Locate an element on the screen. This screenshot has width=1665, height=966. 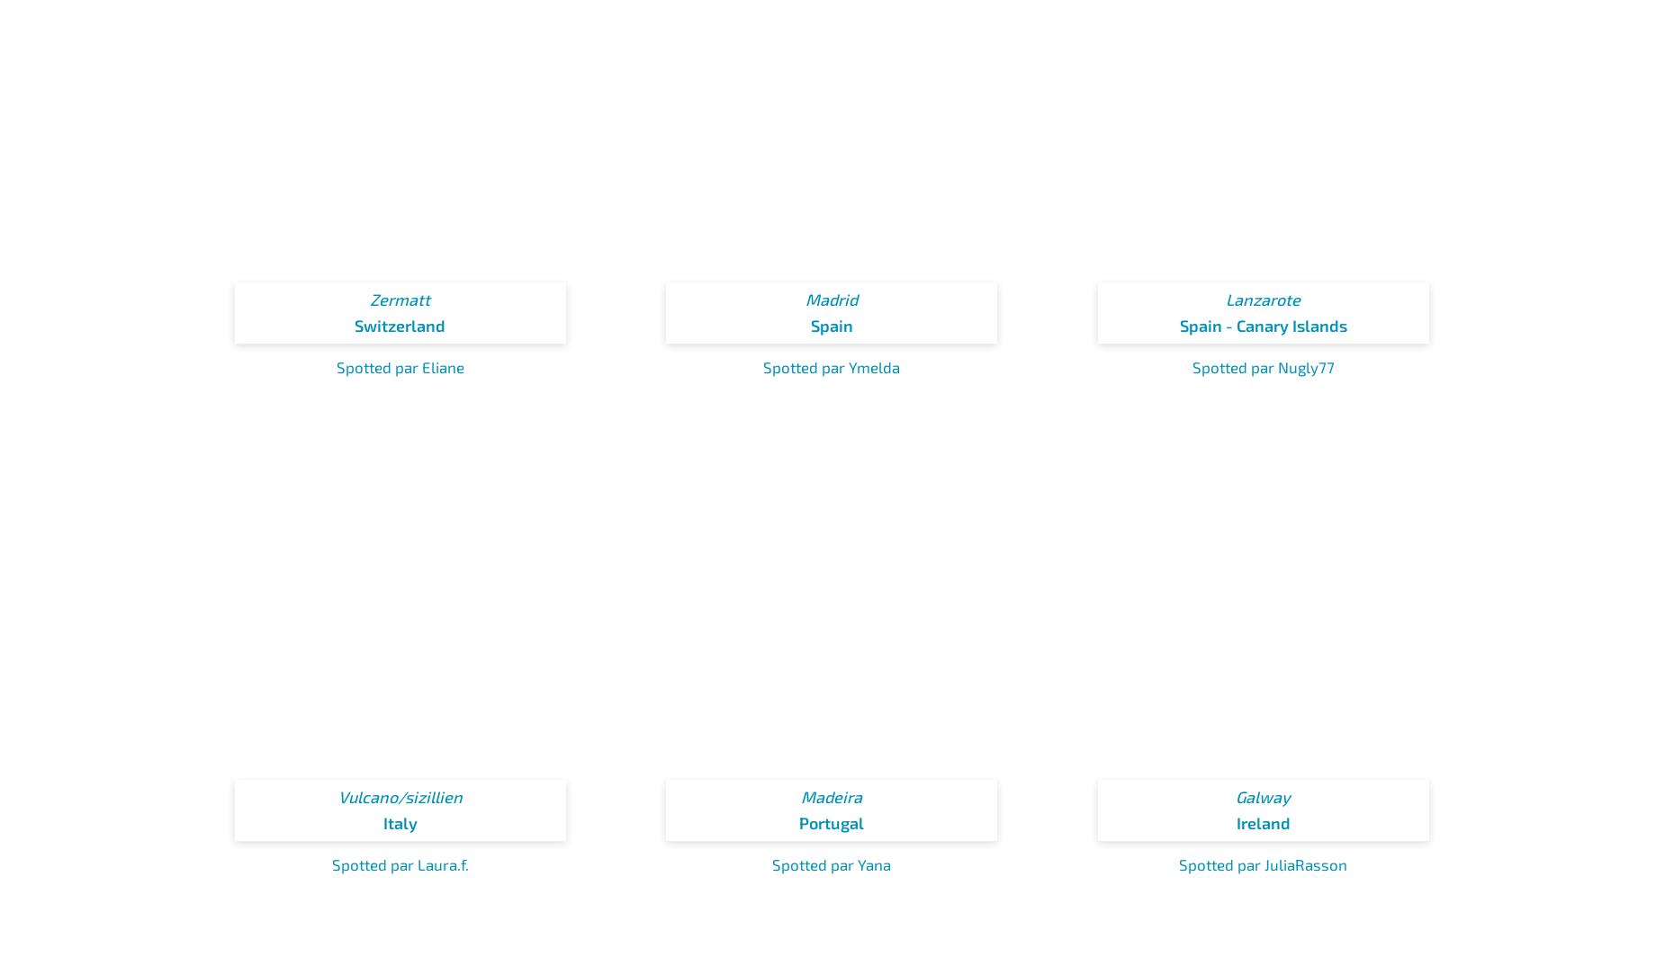
'Italy' is located at coordinates (381, 820).